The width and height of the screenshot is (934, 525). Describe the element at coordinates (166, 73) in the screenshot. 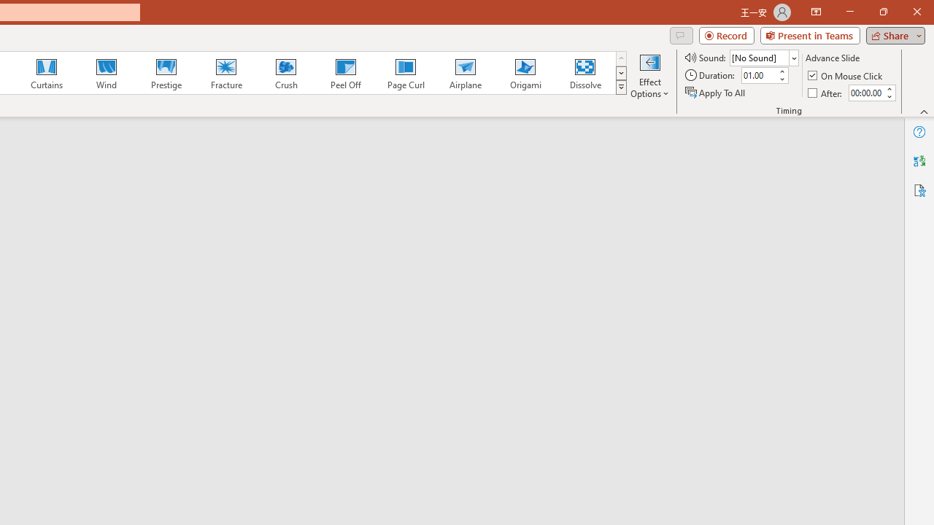

I see `'Prestige'` at that location.